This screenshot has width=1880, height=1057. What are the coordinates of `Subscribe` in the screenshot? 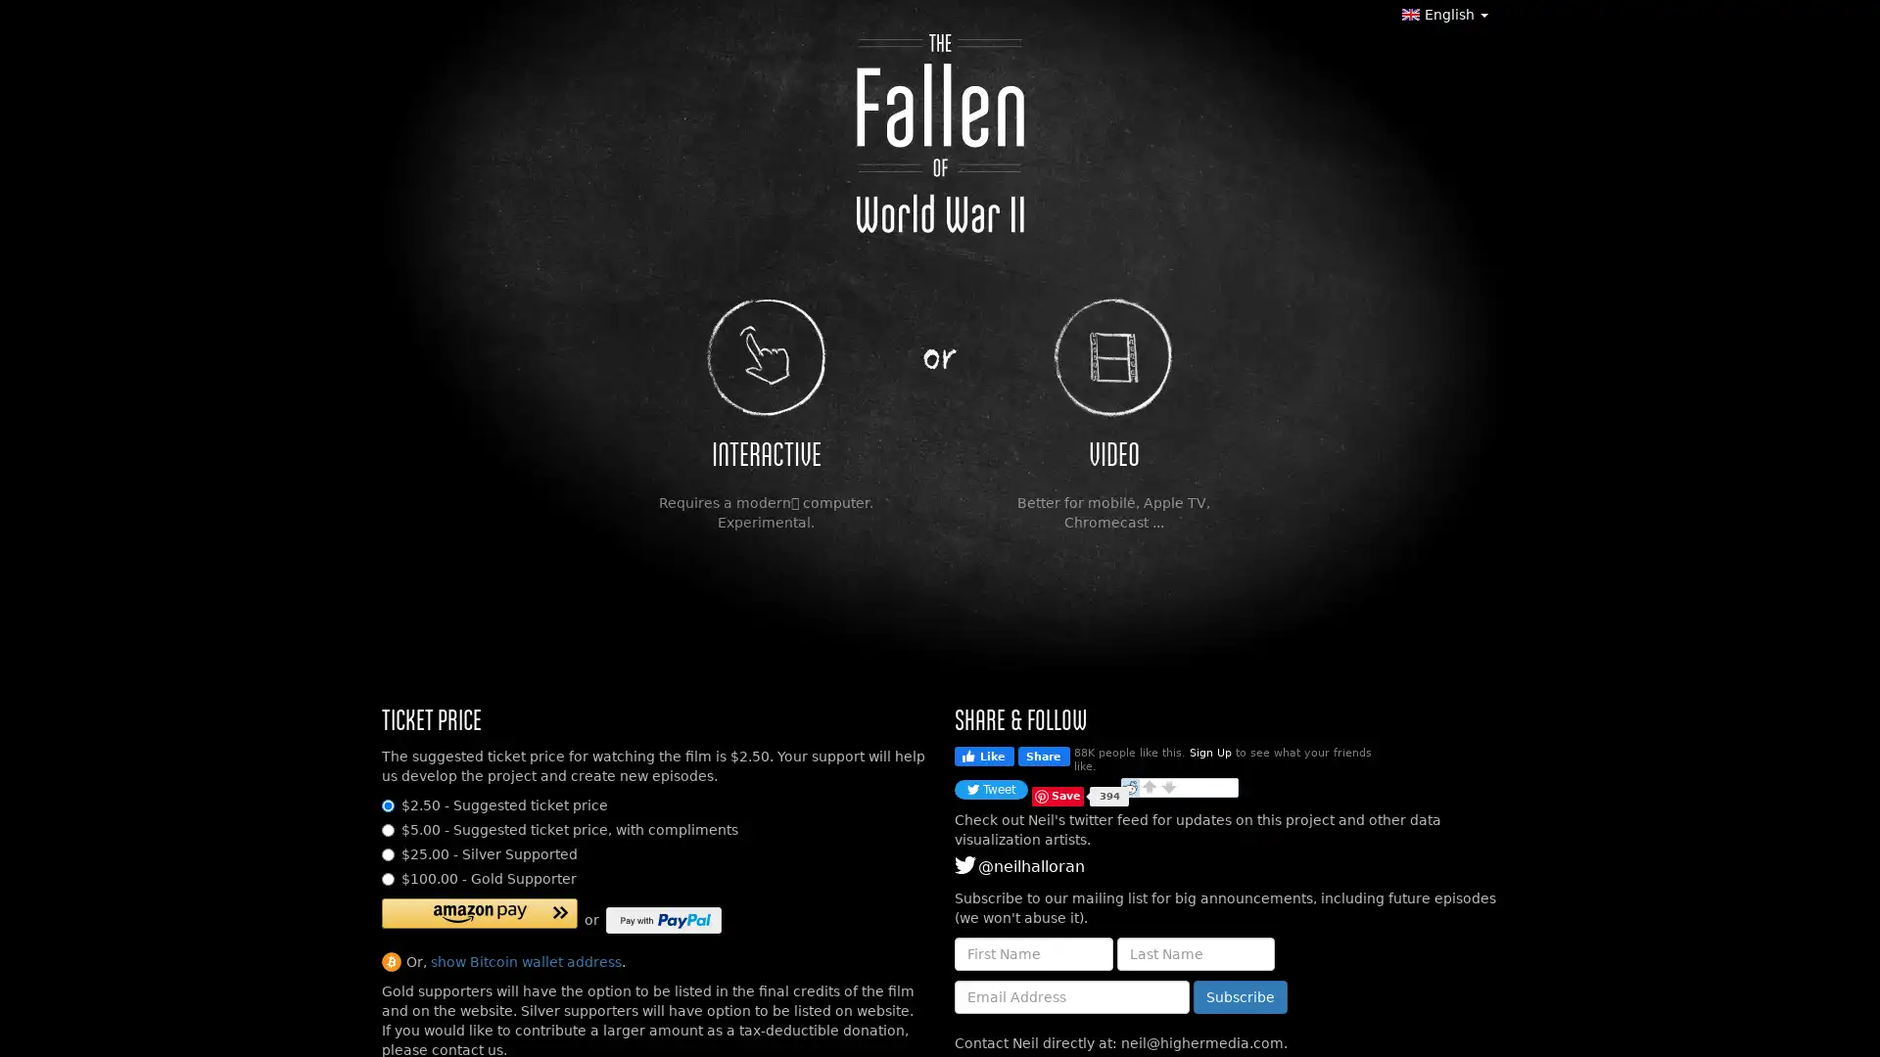 It's located at (1240, 996).